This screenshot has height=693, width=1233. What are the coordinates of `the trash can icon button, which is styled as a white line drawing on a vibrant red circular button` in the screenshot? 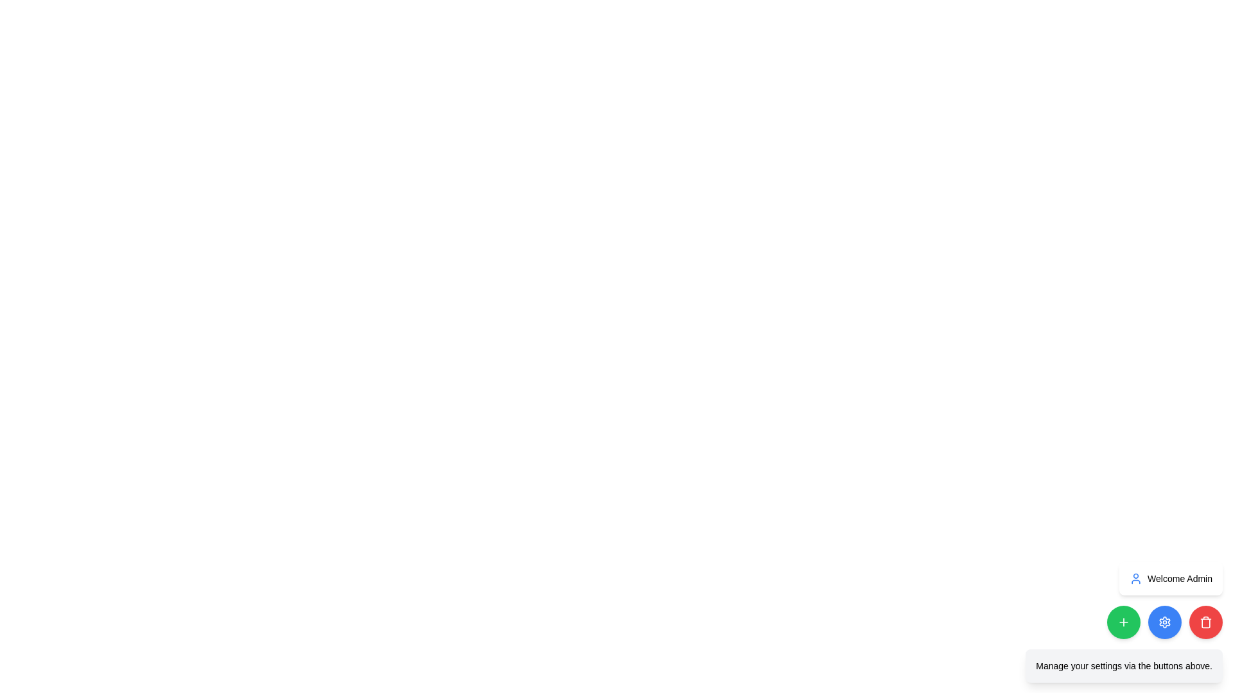 It's located at (1205, 621).